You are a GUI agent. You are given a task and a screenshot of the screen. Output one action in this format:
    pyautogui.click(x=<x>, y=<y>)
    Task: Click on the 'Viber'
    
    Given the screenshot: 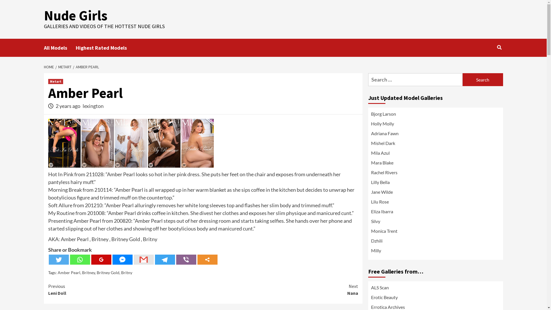 What is the action you would take?
    pyautogui.click(x=176, y=259)
    